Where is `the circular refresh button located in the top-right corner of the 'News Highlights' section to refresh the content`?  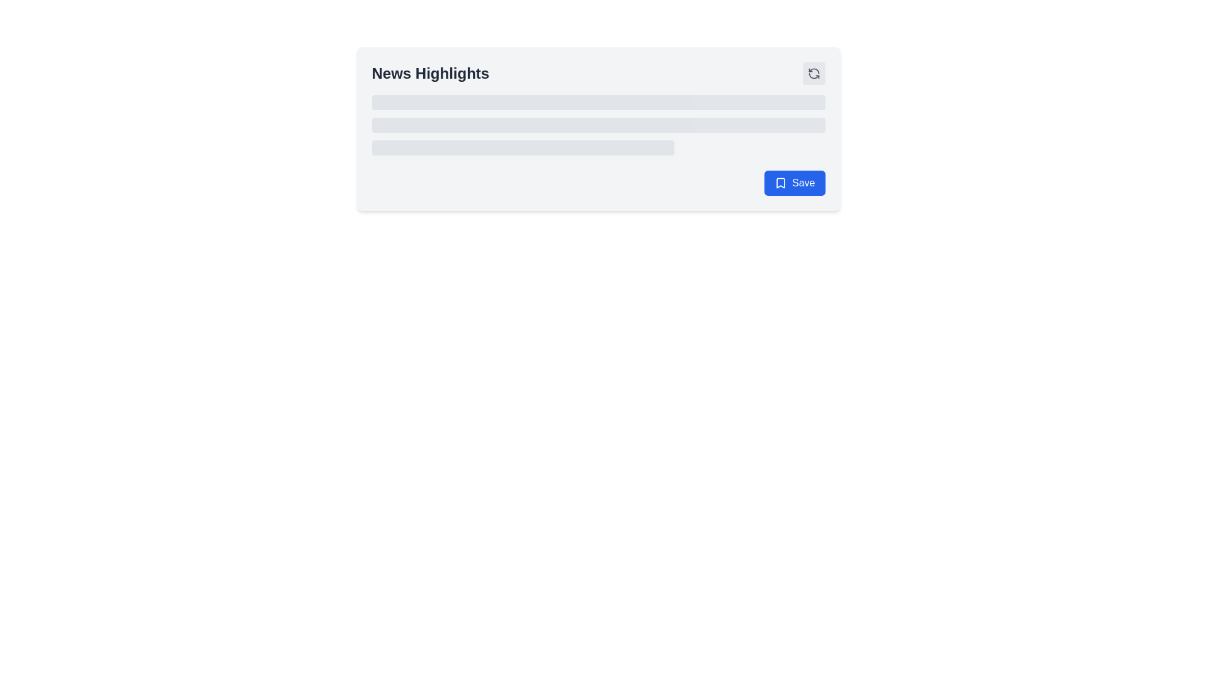
the circular refresh button located in the top-right corner of the 'News Highlights' section to refresh the content is located at coordinates (814, 73).